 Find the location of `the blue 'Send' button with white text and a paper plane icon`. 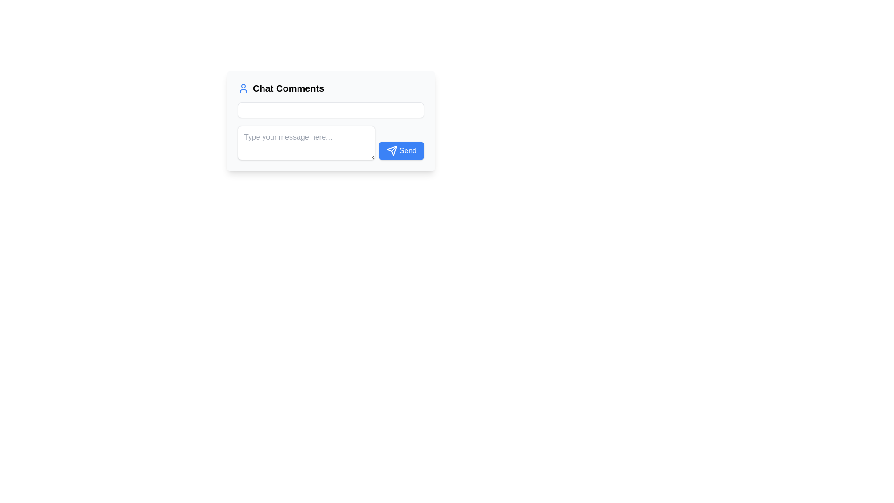

the blue 'Send' button with white text and a paper plane icon is located at coordinates (401, 150).